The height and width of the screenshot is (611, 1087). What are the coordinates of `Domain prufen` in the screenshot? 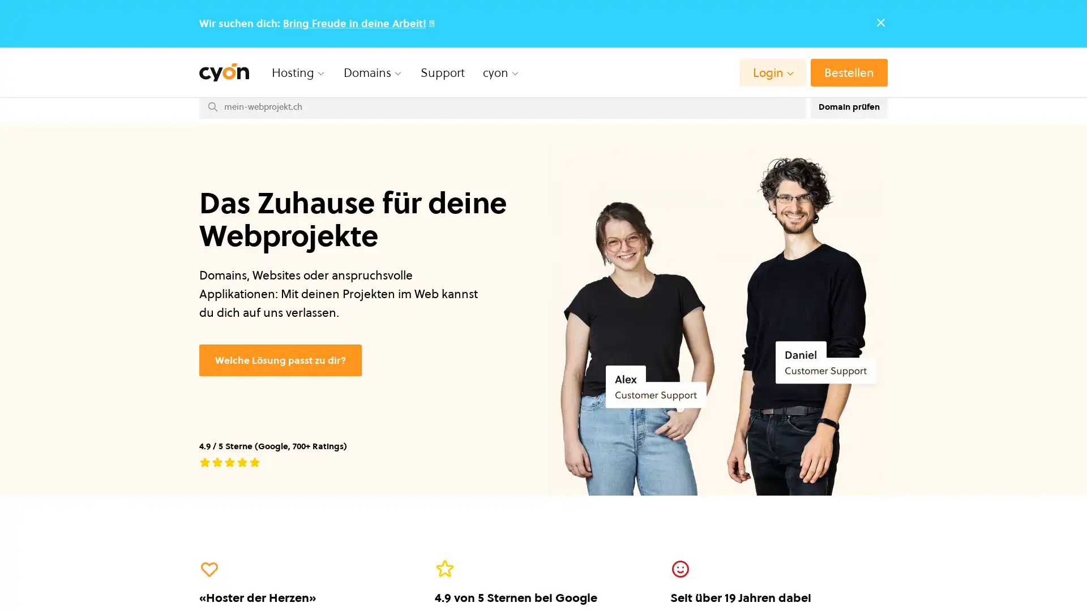 It's located at (849, 106).